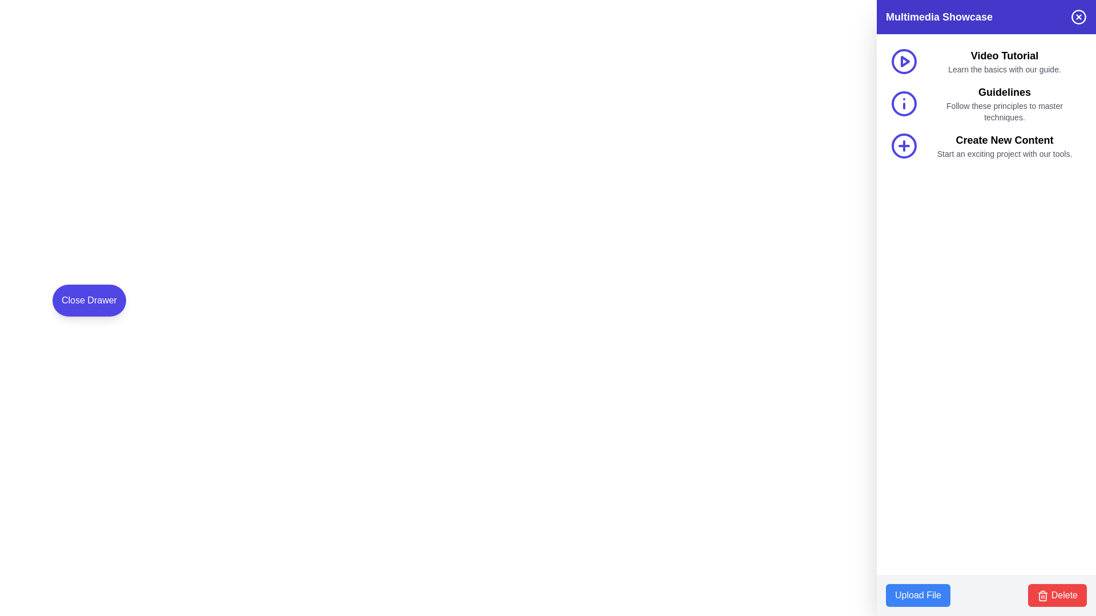 The image size is (1096, 616). Describe the element at coordinates (1005, 140) in the screenshot. I see `the Text Label that serves as a title for creating new content, located under the 'Multimedia Showcase' heading in the right-hand panel` at that location.